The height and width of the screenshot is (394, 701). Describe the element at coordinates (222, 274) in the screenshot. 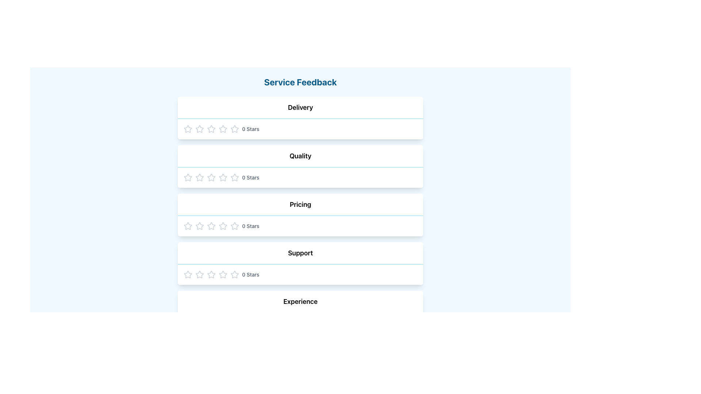

I see `the sixth star icon in the 'Support' section's rating component for additional interaction` at that location.